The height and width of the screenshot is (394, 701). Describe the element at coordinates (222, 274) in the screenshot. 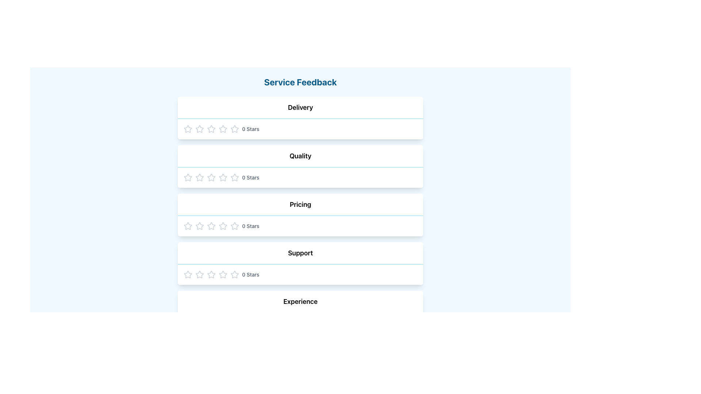

I see `the sixth star icon in the 'Support' section's rating component for additional interaction` at that location.